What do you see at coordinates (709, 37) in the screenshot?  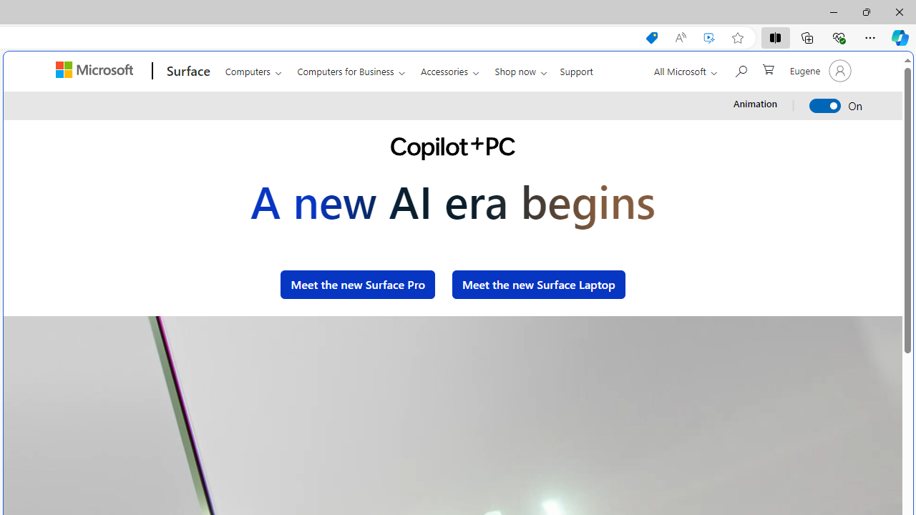 I see `'Enhance video'` at bounding box center [709, 37].